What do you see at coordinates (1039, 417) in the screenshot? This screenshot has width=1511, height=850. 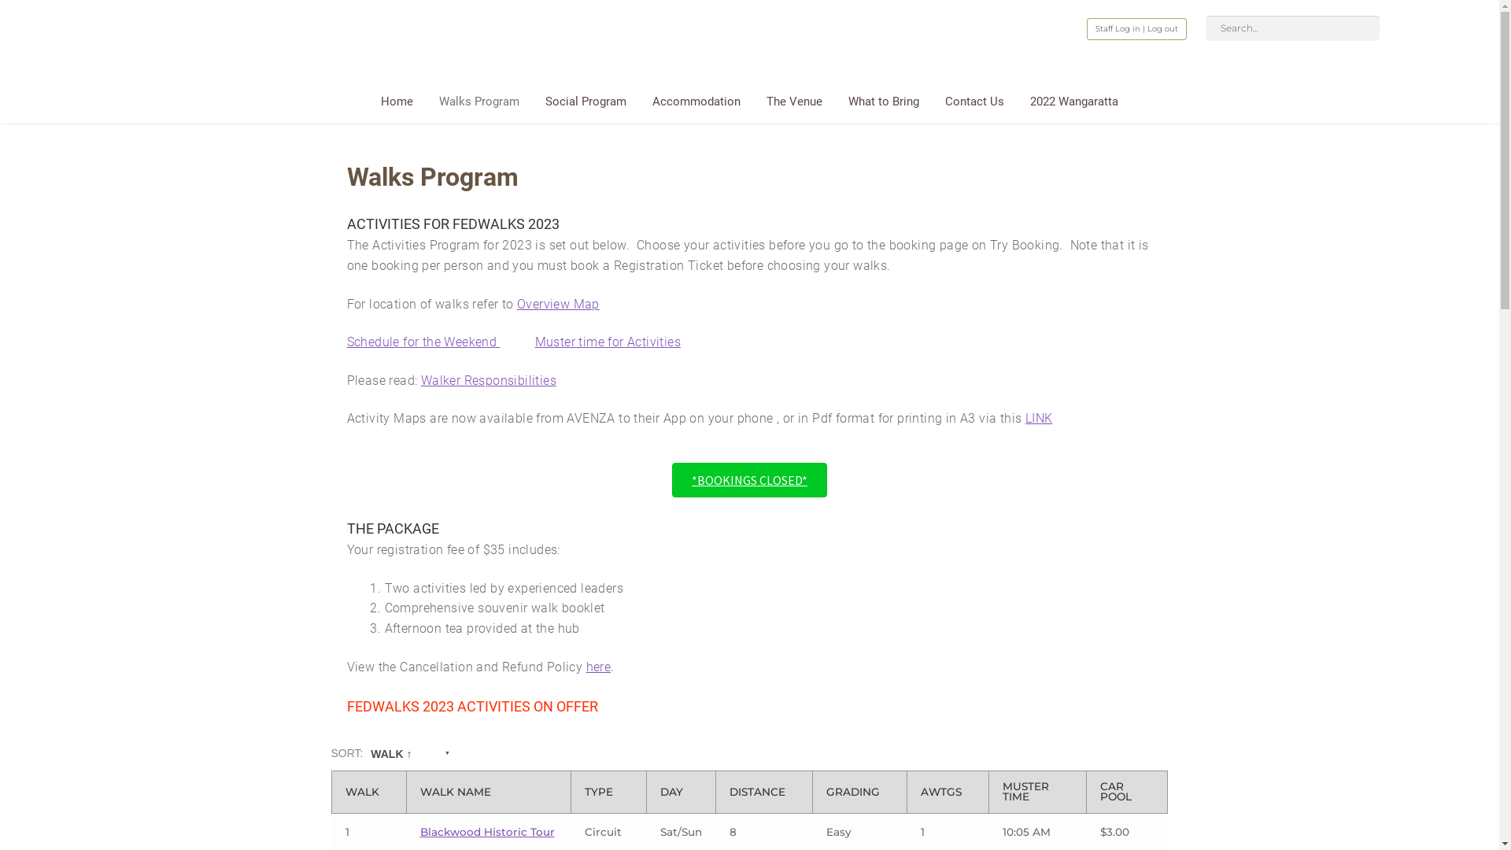 I see `'LINK'` at bounding box center [1039, 417].